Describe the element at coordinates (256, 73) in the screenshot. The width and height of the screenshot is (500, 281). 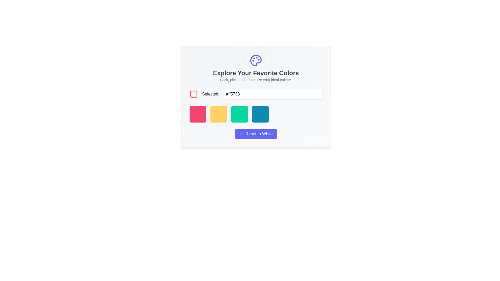
I see `the text header that reads 'Explore Your Favorite Colors.' This header is large, bold, and gray, positioned centrally in the main interface area for color customization` at that location.